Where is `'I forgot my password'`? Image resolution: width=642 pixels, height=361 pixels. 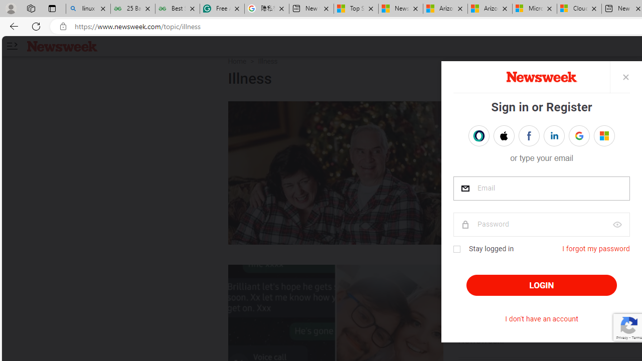 'I forgot my password' is located at coordinates (595, 248).